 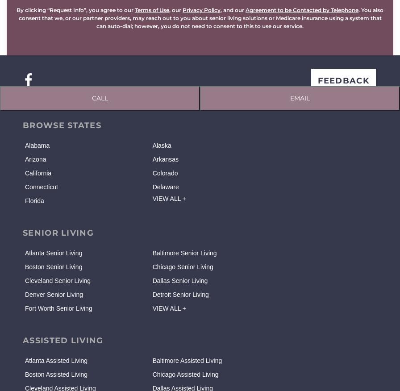 I want to click on 'Dallas Senior Living', so click(x=152, y=280).